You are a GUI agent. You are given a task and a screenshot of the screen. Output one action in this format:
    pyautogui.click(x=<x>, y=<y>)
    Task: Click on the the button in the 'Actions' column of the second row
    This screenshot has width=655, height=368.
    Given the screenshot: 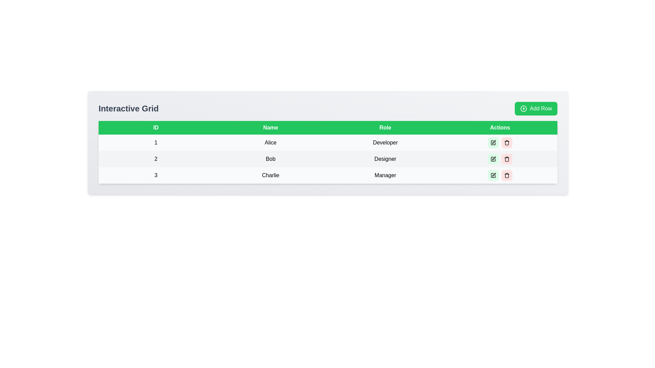 What is the action you would take?
    pyautogui.click(x=493, y=159)
    